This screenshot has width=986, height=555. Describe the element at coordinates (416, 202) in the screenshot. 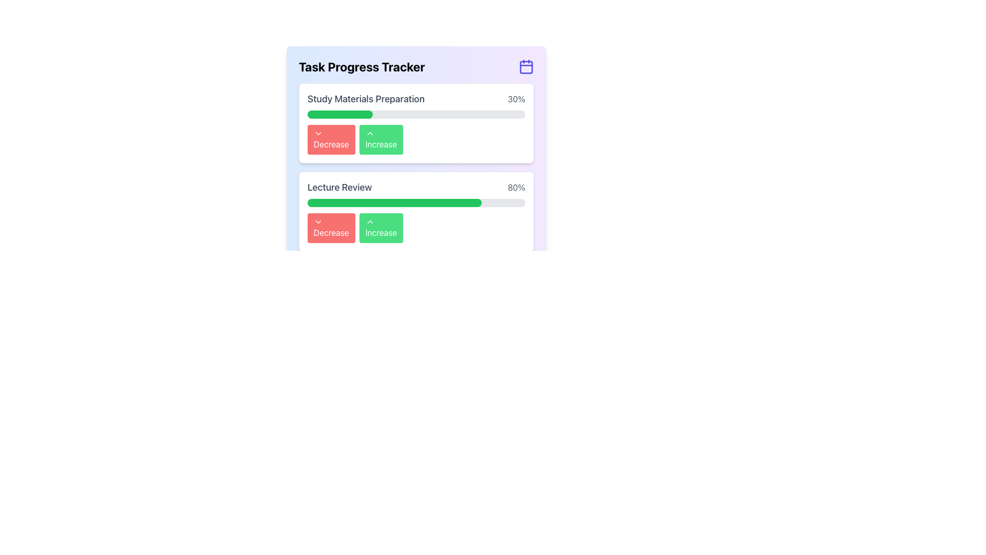

I see `the horizontal progress bar indicating 80% progress in the 'Lecture Review' section of the interface` at that location.